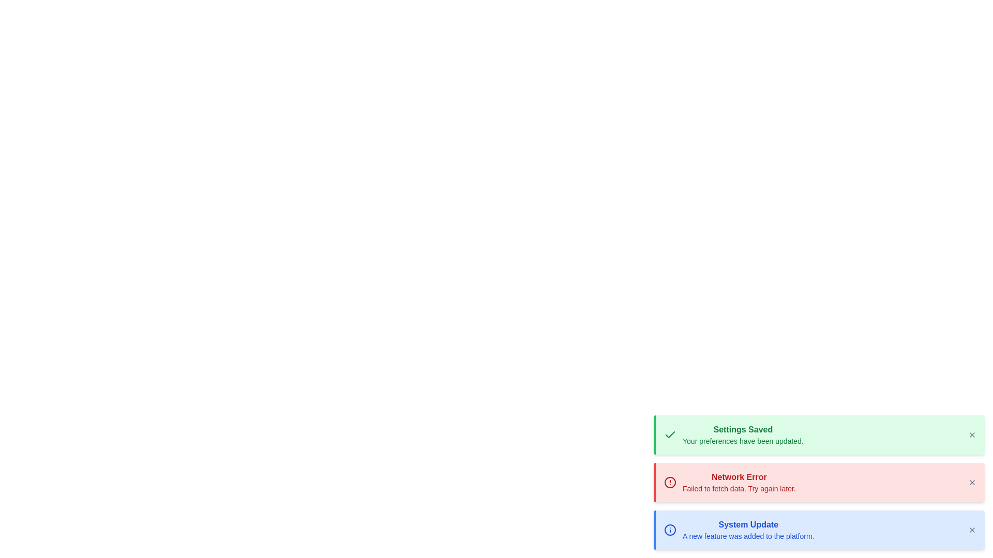  I want to click on the close button (an 'X' icon) located at the top-right corner of the blue notification box labeled 'System Update', so click(972, 530).